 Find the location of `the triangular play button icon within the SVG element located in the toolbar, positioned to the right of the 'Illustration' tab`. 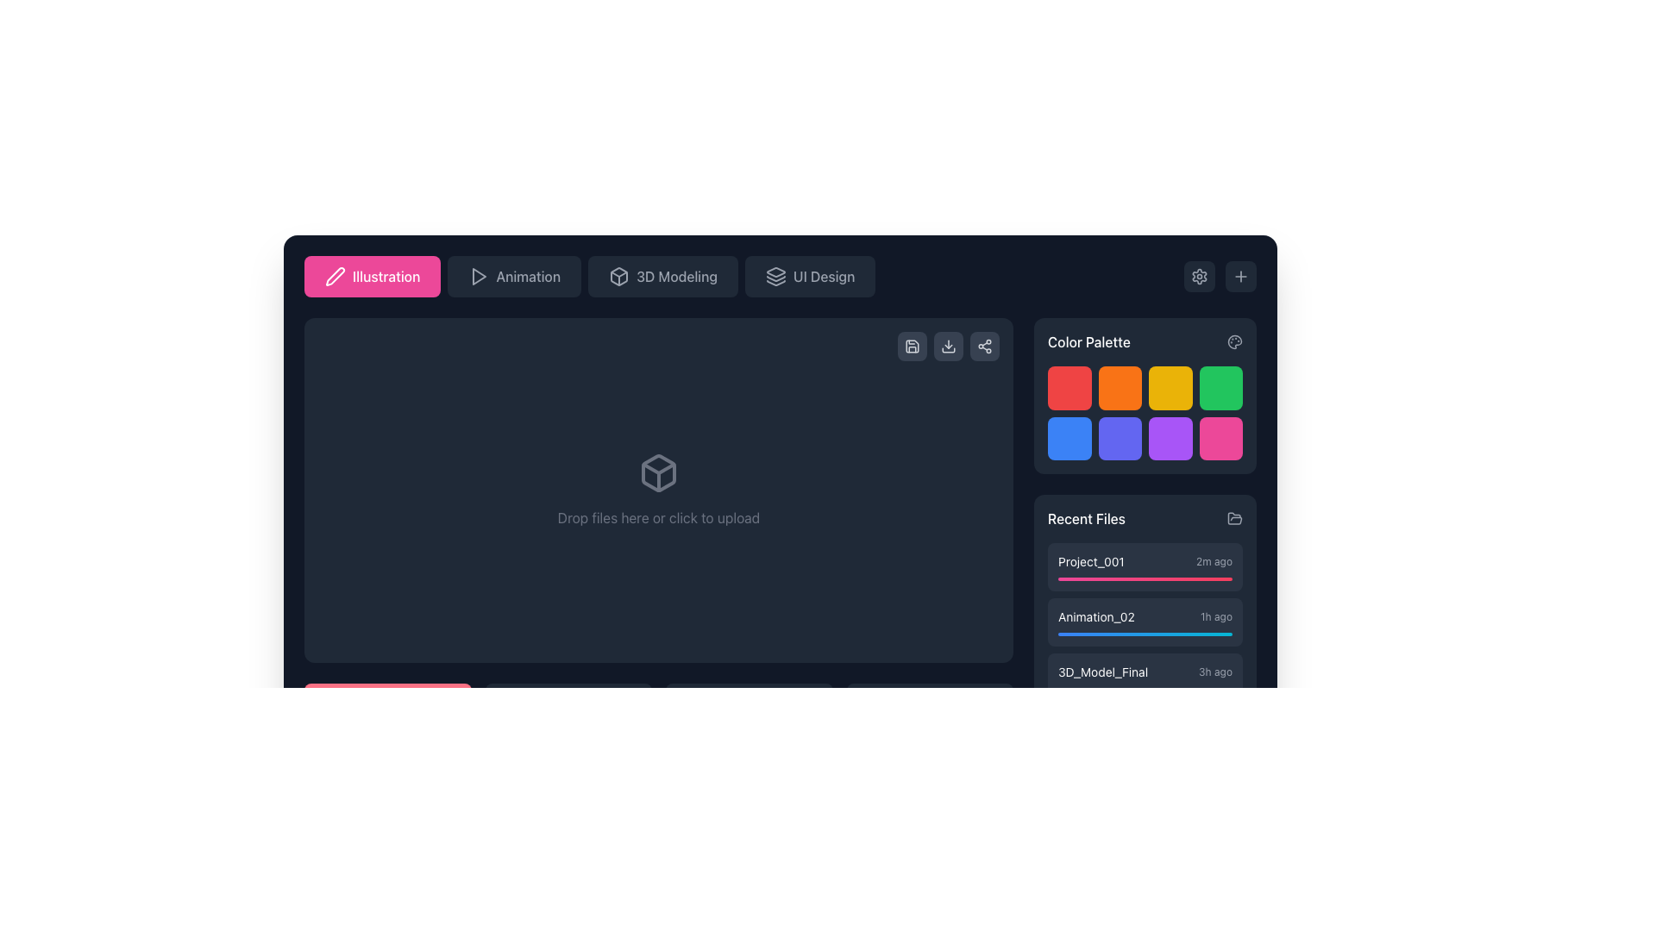

the triangular play button icon within the SVG element located in the toolbar, positioned to the right of the 'Illustration' tab is located at coordinates (480, 275).